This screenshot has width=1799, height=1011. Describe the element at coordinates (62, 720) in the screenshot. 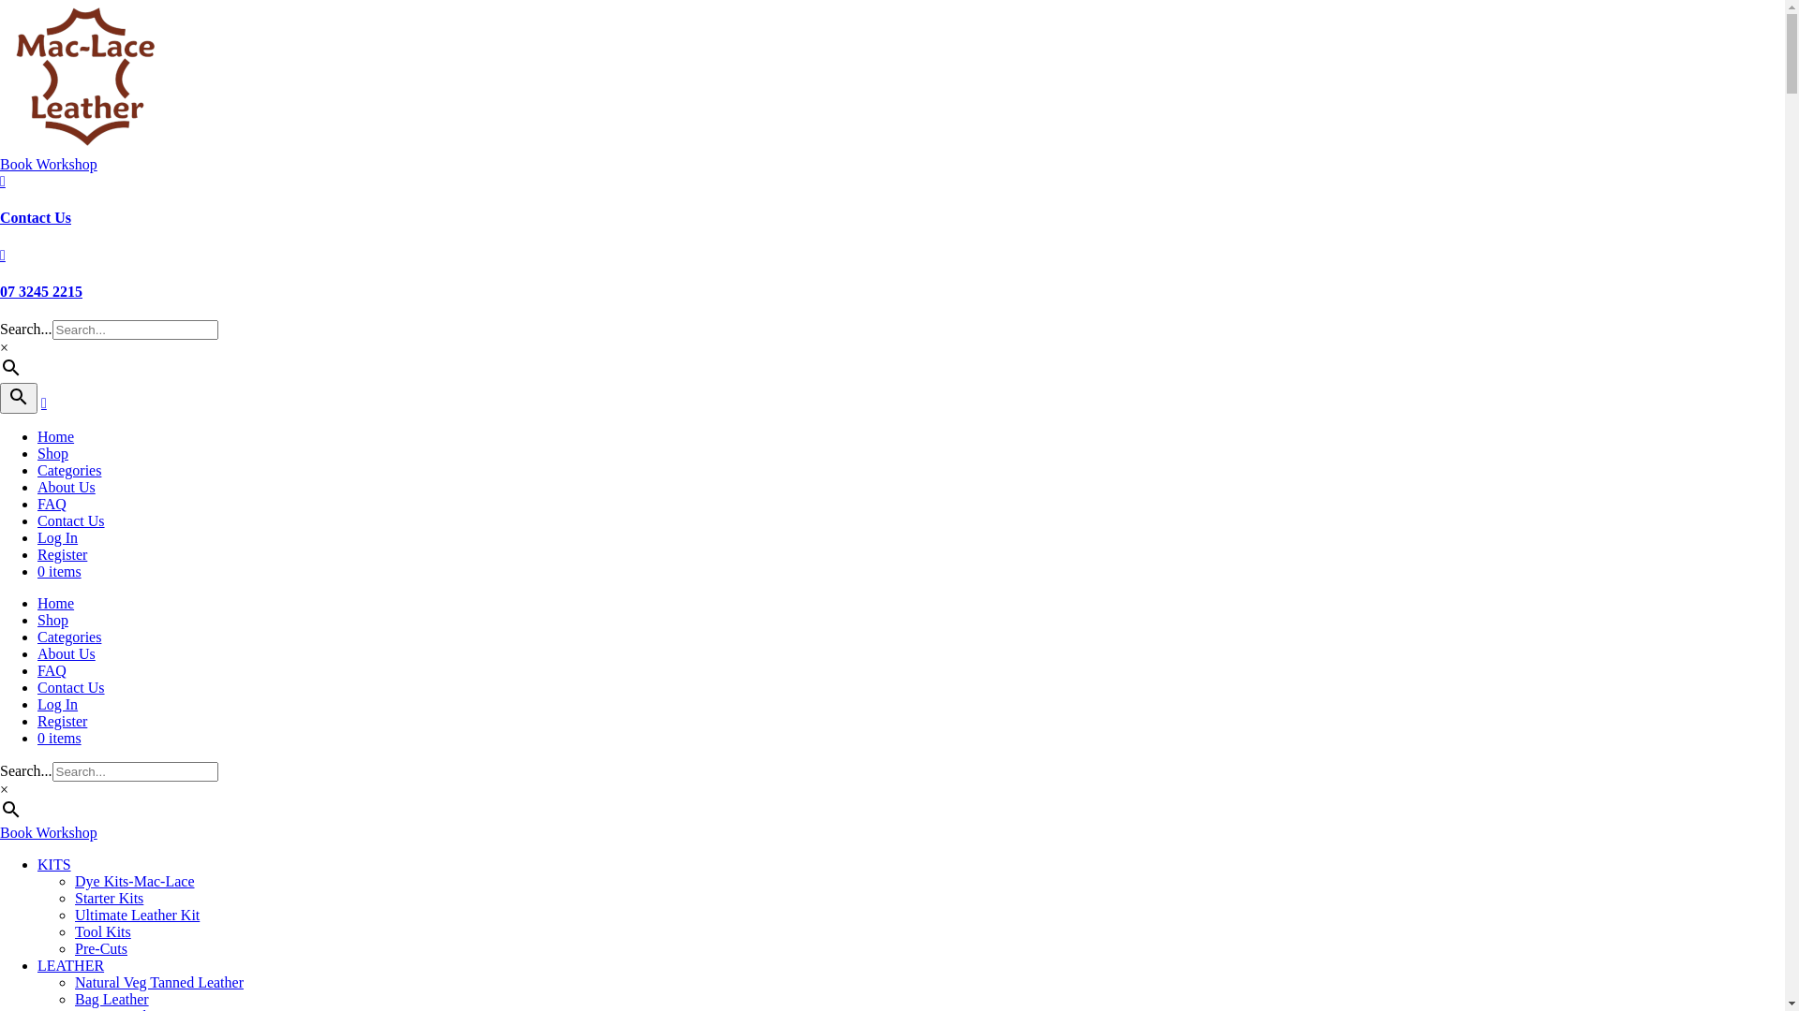

I see `'Register'` at that location.